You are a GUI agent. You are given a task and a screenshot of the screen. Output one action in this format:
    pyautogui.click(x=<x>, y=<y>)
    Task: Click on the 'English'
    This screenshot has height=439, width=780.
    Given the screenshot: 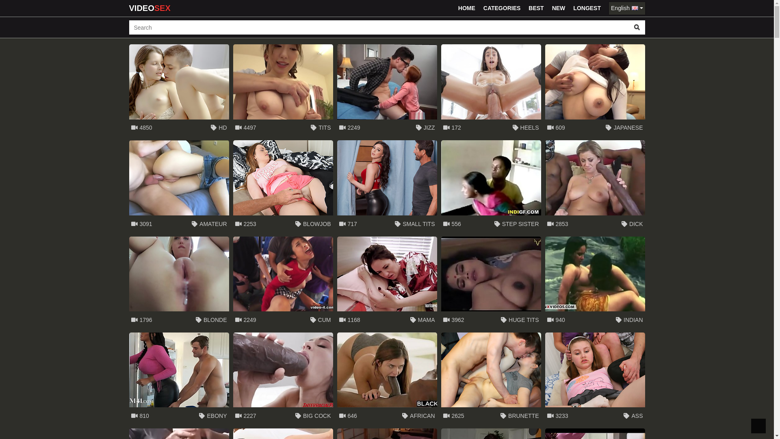 What is the action you would take?
    pyautogui.click(x=626, y=8)
    